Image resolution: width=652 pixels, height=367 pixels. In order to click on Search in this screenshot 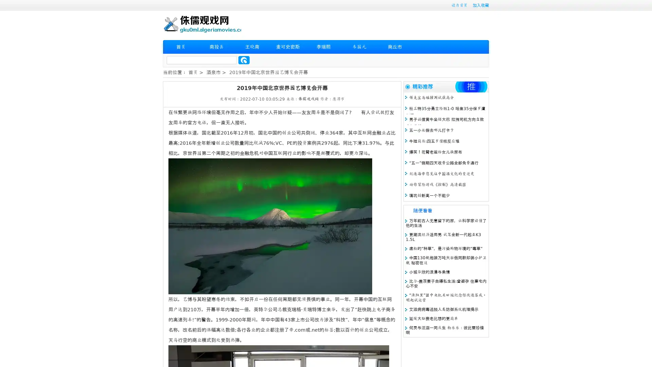, I will do `click(244, 60)`.